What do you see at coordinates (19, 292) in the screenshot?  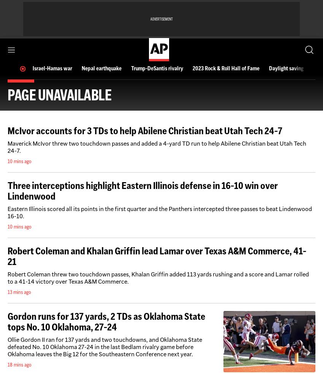 I see `'13 mins ago'` at bounding box center [19, 292].